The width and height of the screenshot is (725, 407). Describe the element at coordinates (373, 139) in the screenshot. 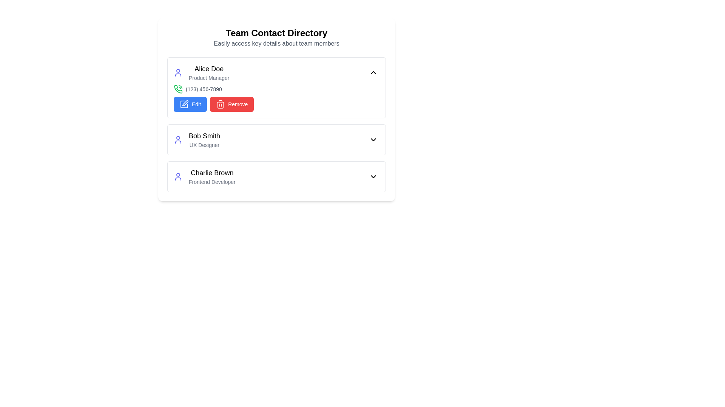

I see `the Dropdown toggle button located in the top right corner of the section belonging to 'Bob Smith, UX Designer'` at that location.